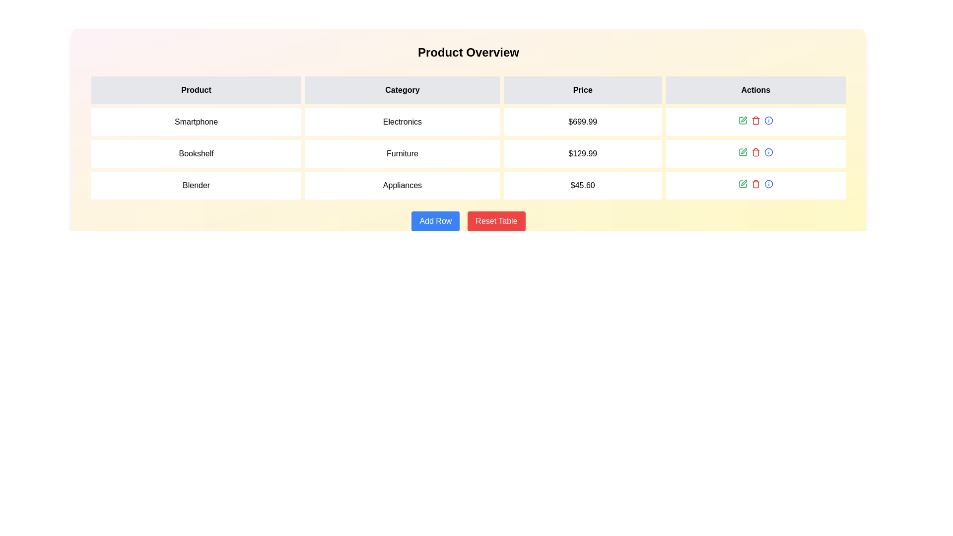 The height and width of the screenshot is (536, 953). I want to click on the information button located in the last column of the last row in the Actions table section, so click(768, 120).